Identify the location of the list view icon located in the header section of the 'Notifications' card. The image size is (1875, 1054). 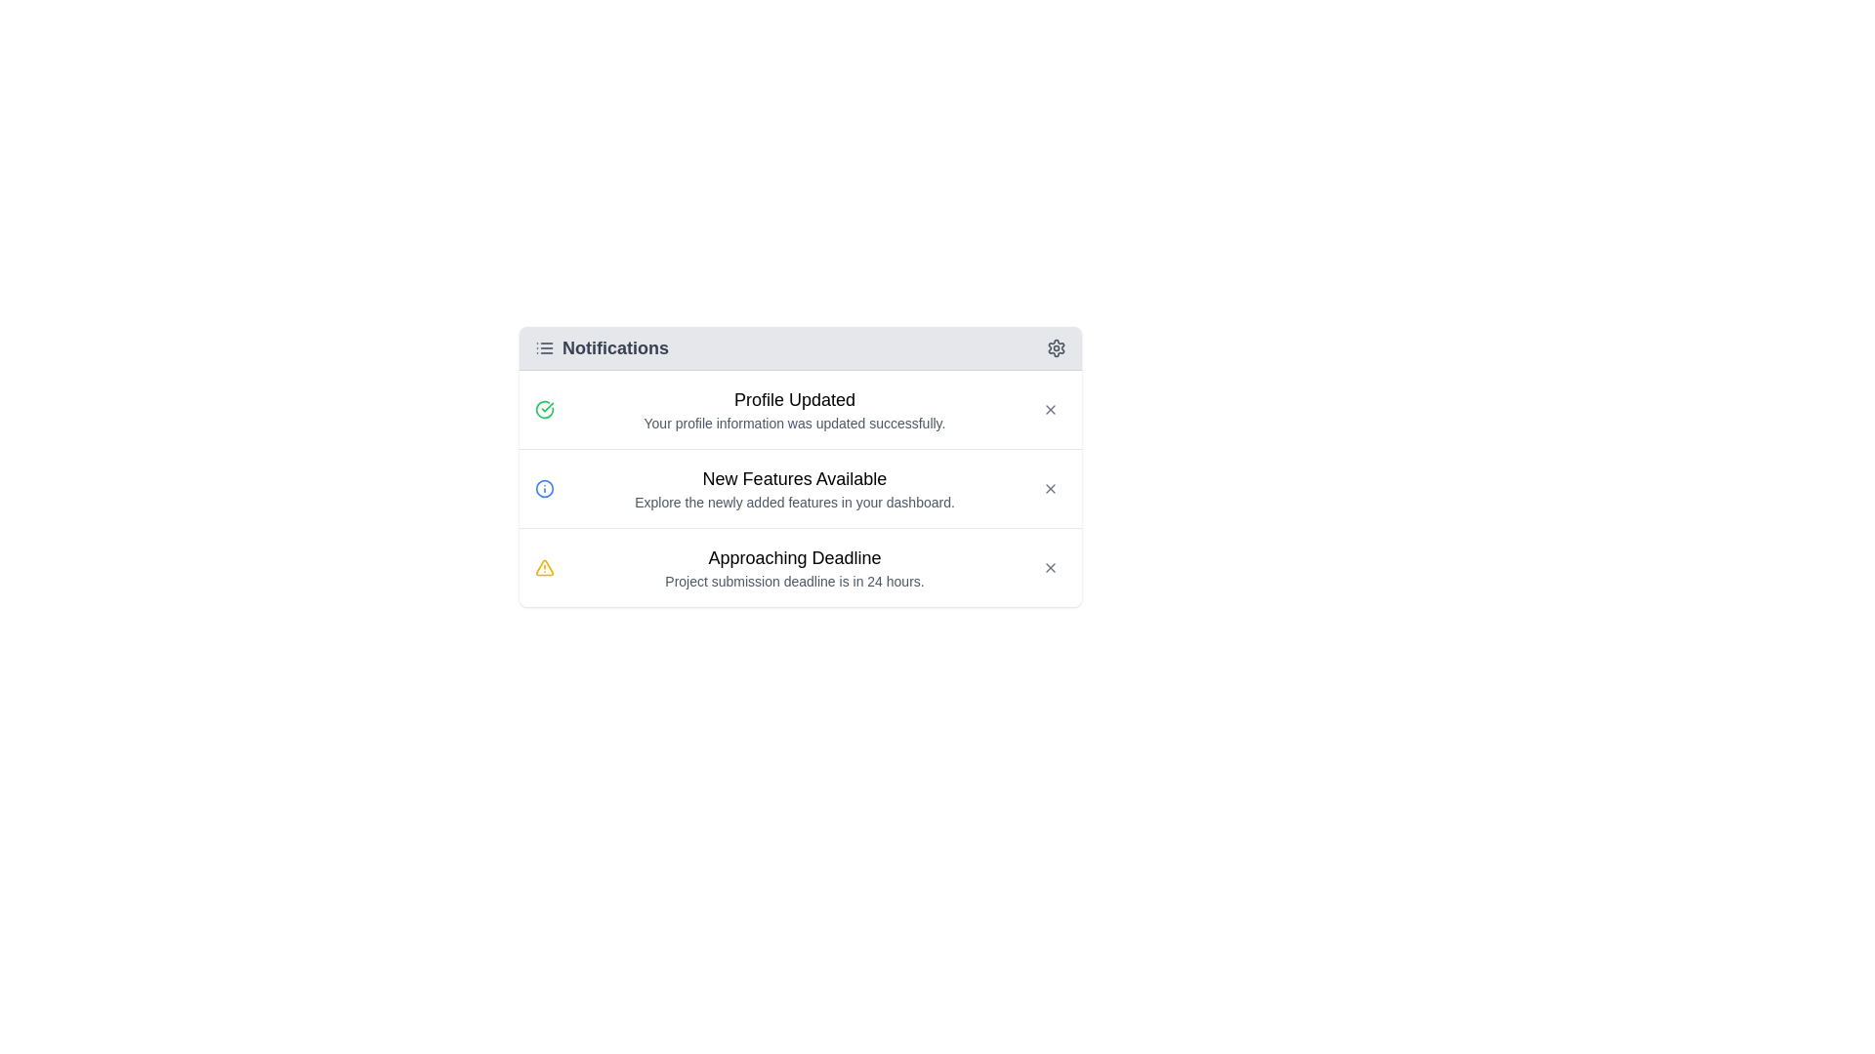
(544, 347).